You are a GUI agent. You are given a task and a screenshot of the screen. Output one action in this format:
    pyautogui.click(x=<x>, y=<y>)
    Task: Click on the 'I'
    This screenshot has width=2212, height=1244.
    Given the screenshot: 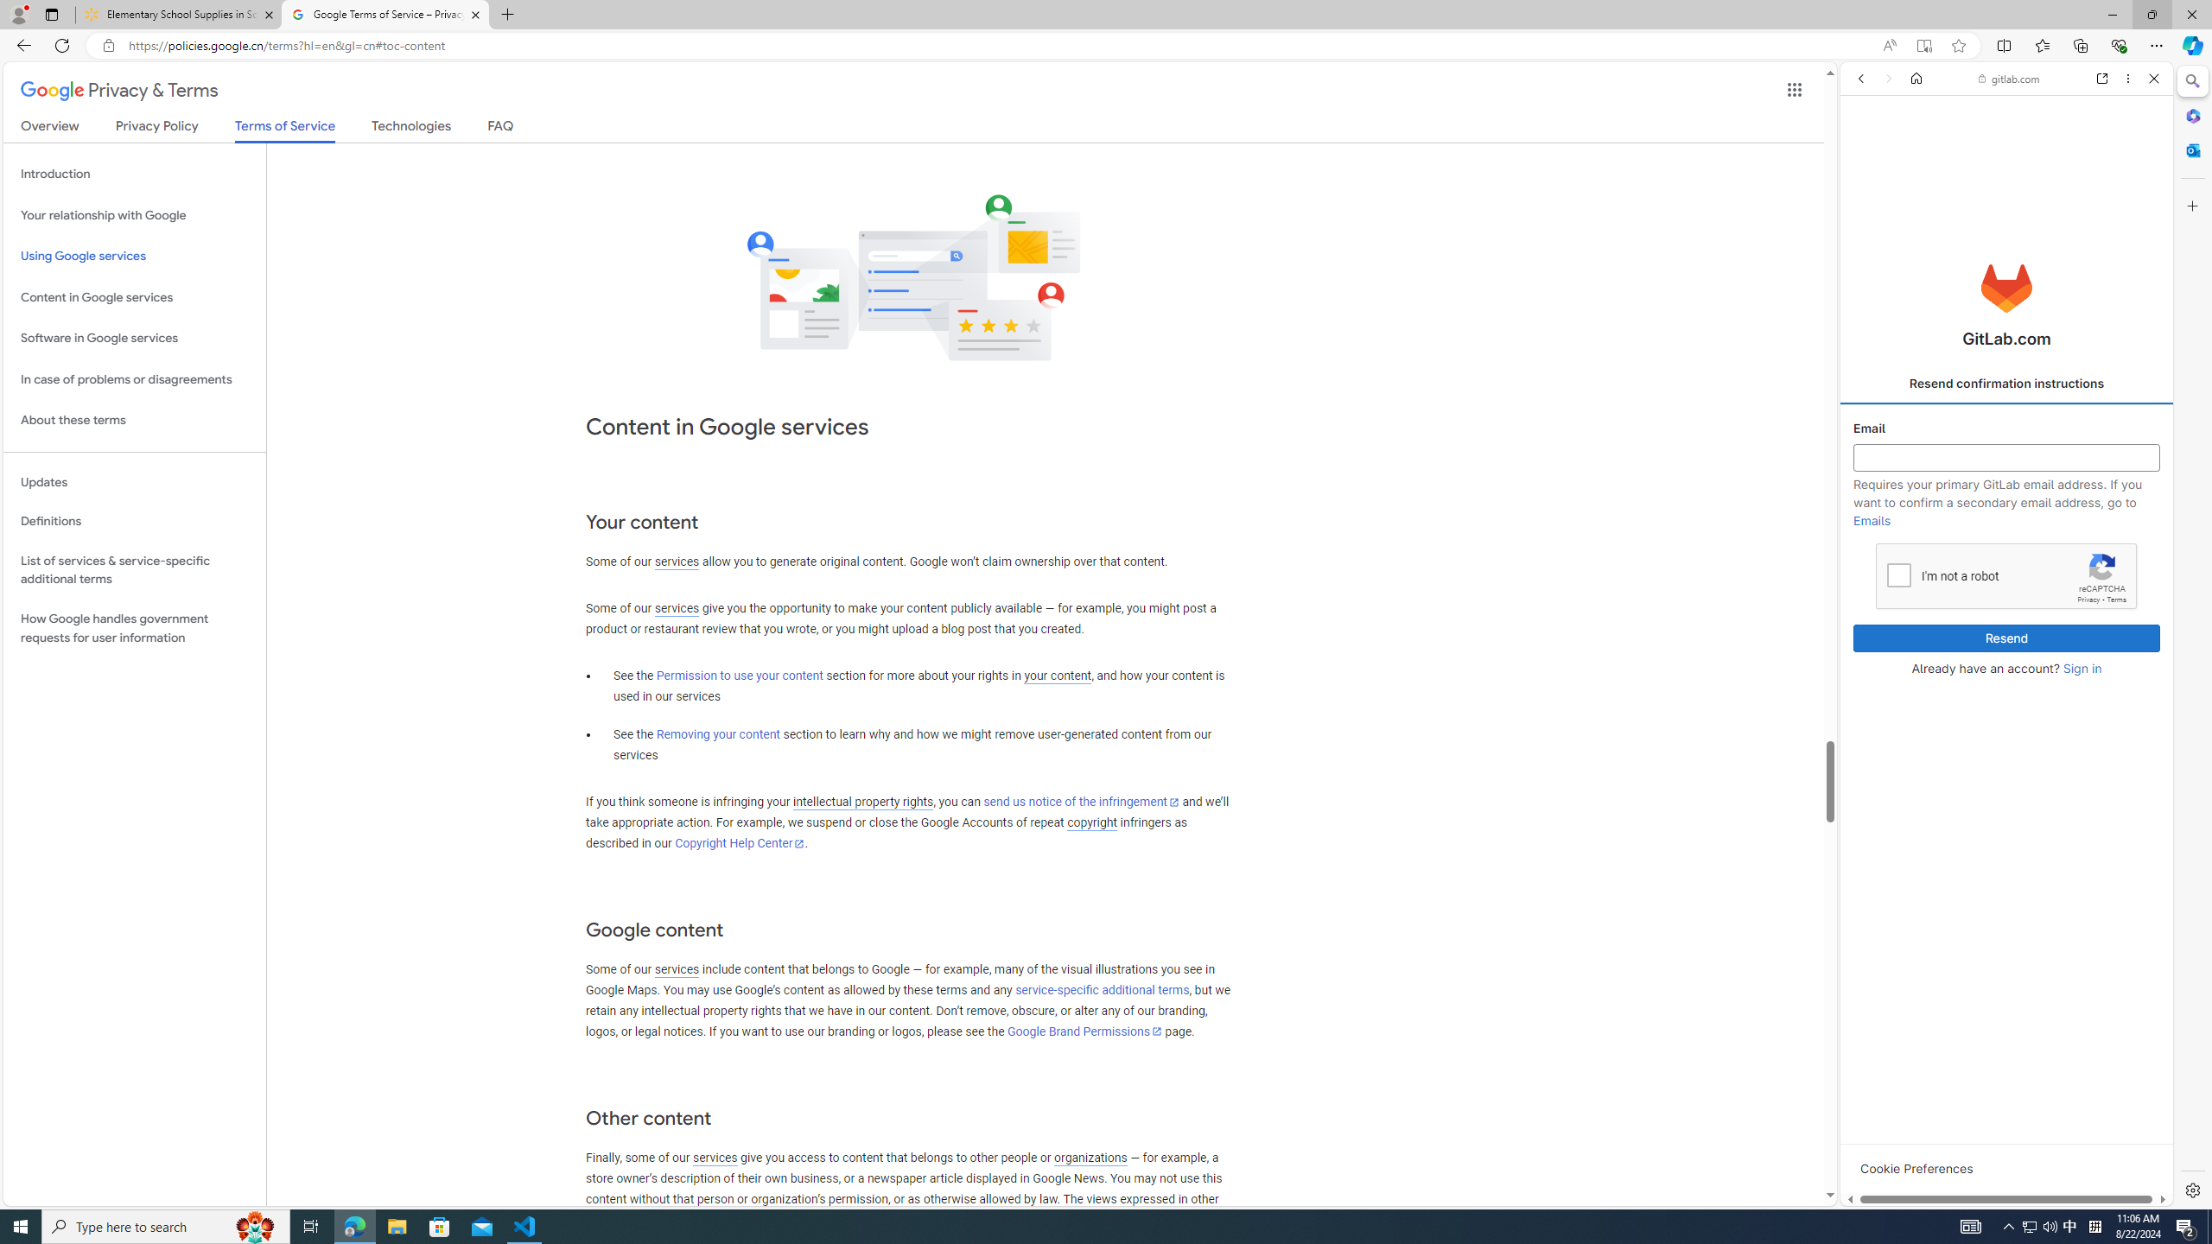 What is the action you would take?
    pyautogui.click(x=1898, y=574)
    